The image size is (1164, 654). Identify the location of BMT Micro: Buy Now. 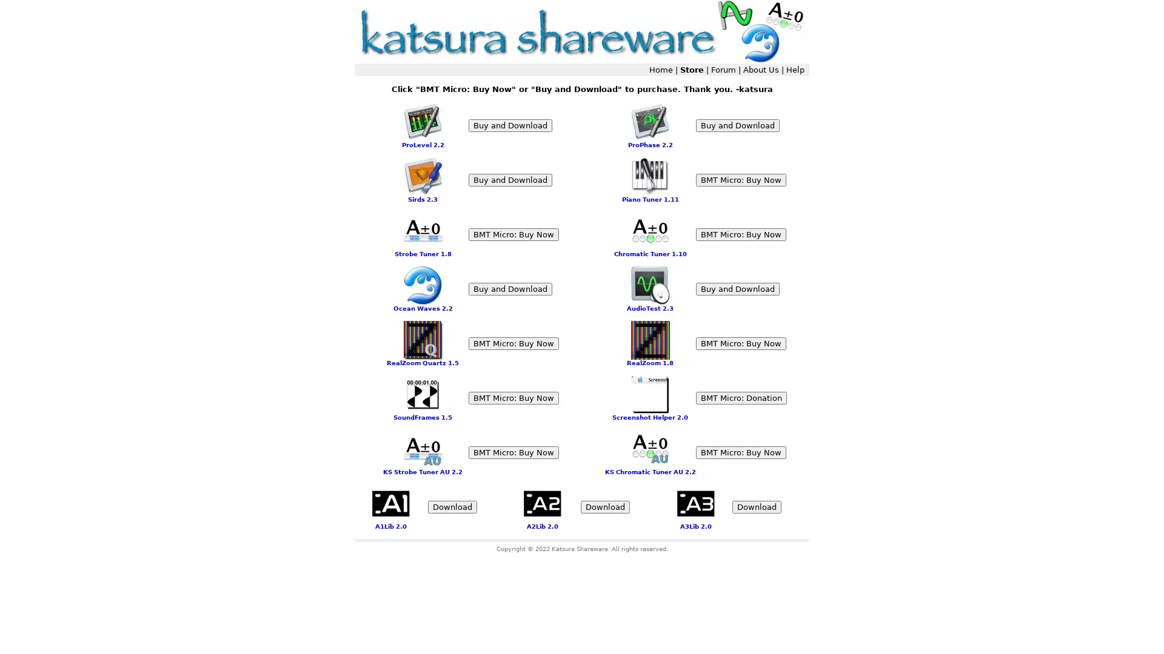
(740, 234).